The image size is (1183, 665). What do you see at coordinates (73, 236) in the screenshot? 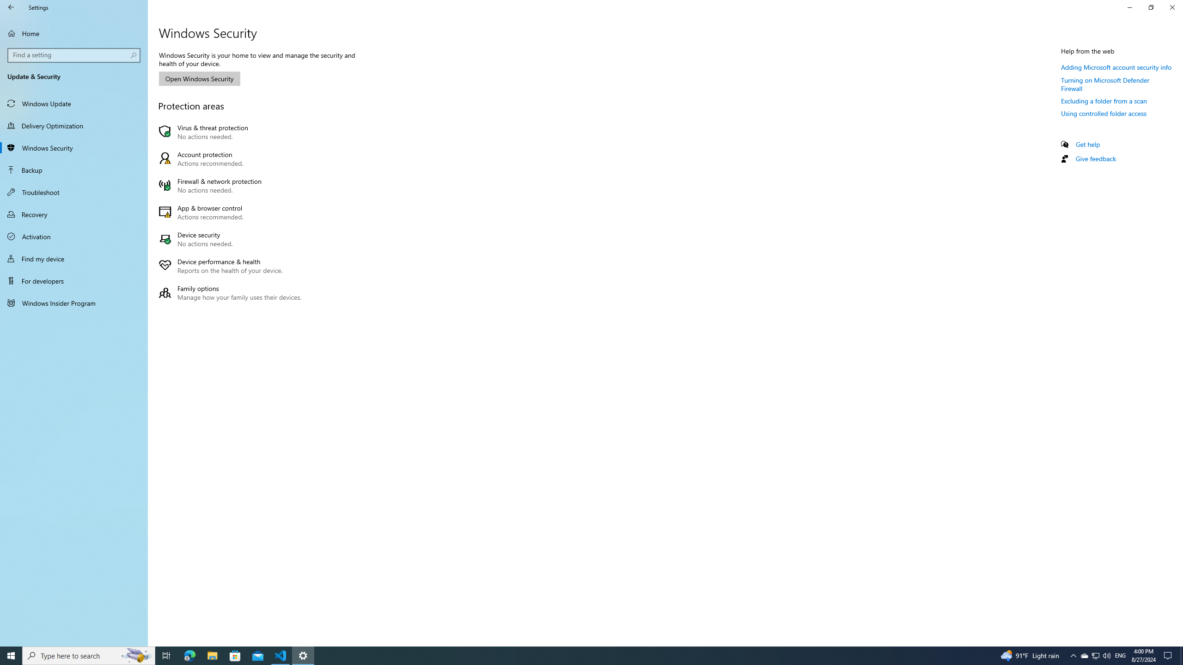
I see `'Activation'` at bounding box center [73, 236].